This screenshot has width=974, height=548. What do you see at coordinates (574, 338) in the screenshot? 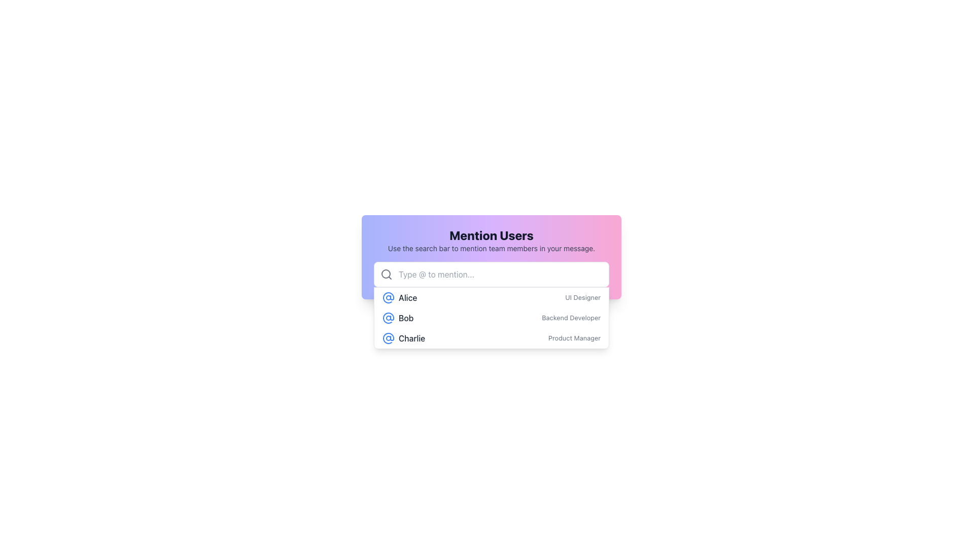
I see `the label indicating 'Charlie' is a Product Manager, located on the right side of the 'Charlie' text in the third row of the user selection list` at bounding box center [574, 338].